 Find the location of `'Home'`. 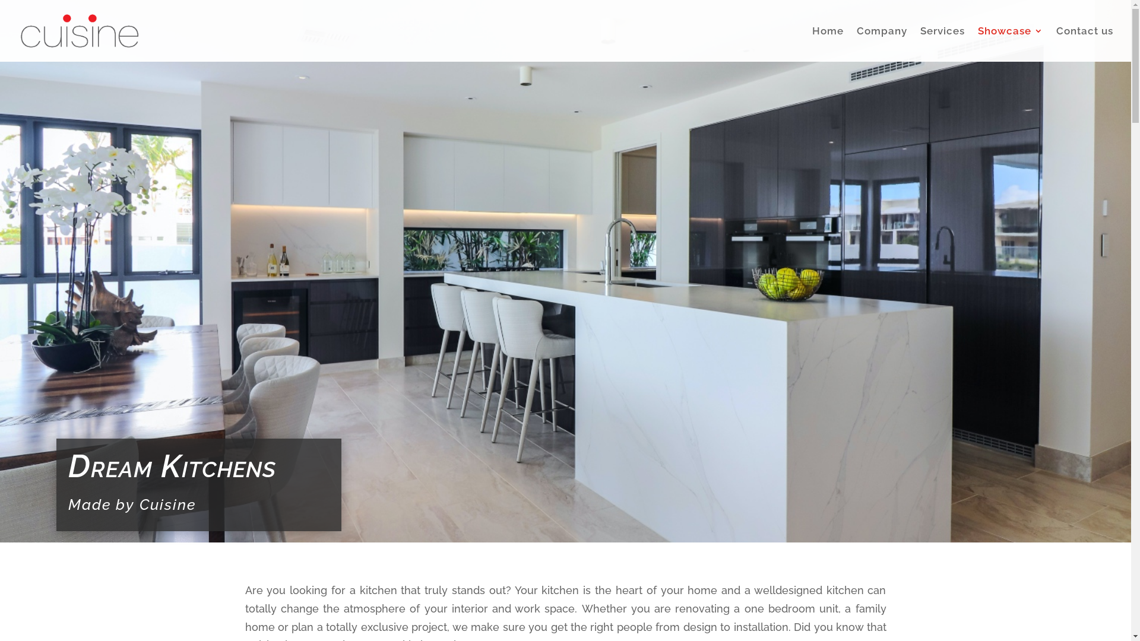

'Home' is located at coordinates (827, 43).